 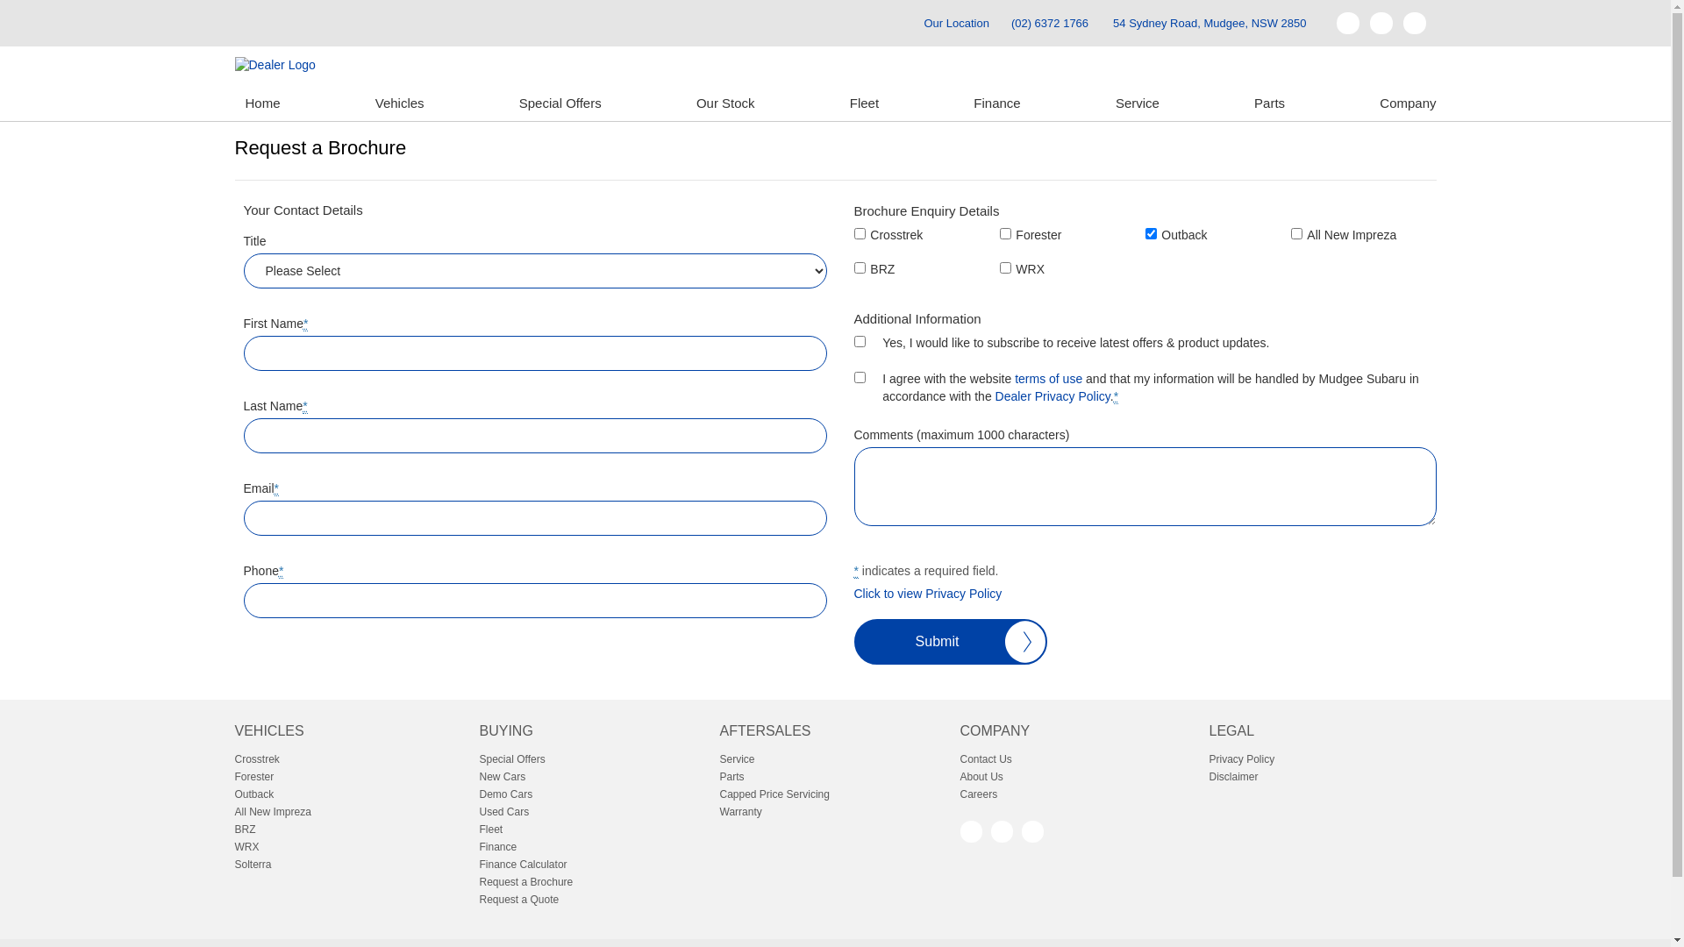 I want to click on 'Facebook', so click(x=969, y=830).